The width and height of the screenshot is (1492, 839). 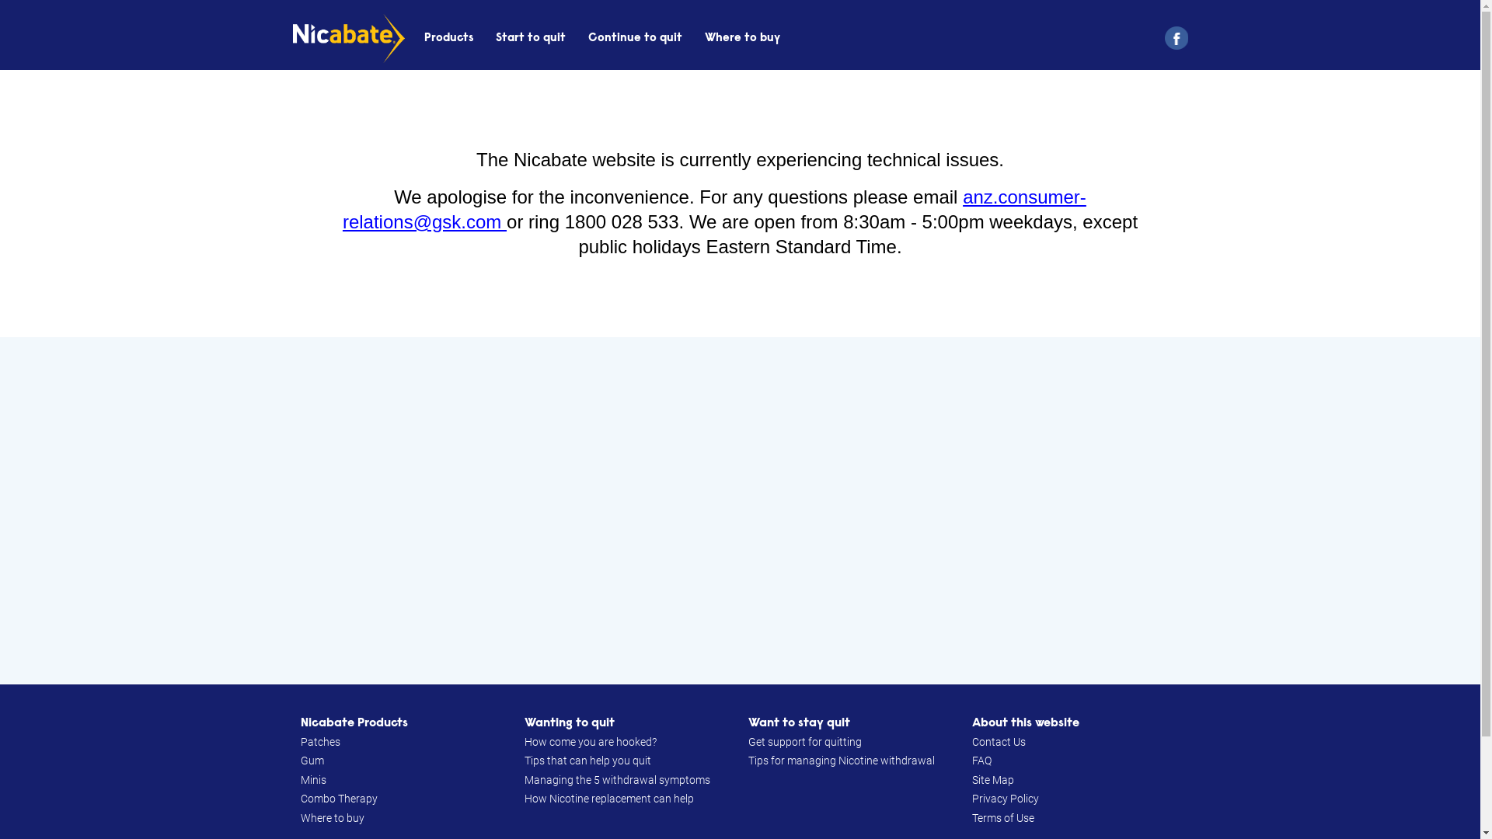 I want to click on 'Nicabate Products', so click(x=353, y=722).